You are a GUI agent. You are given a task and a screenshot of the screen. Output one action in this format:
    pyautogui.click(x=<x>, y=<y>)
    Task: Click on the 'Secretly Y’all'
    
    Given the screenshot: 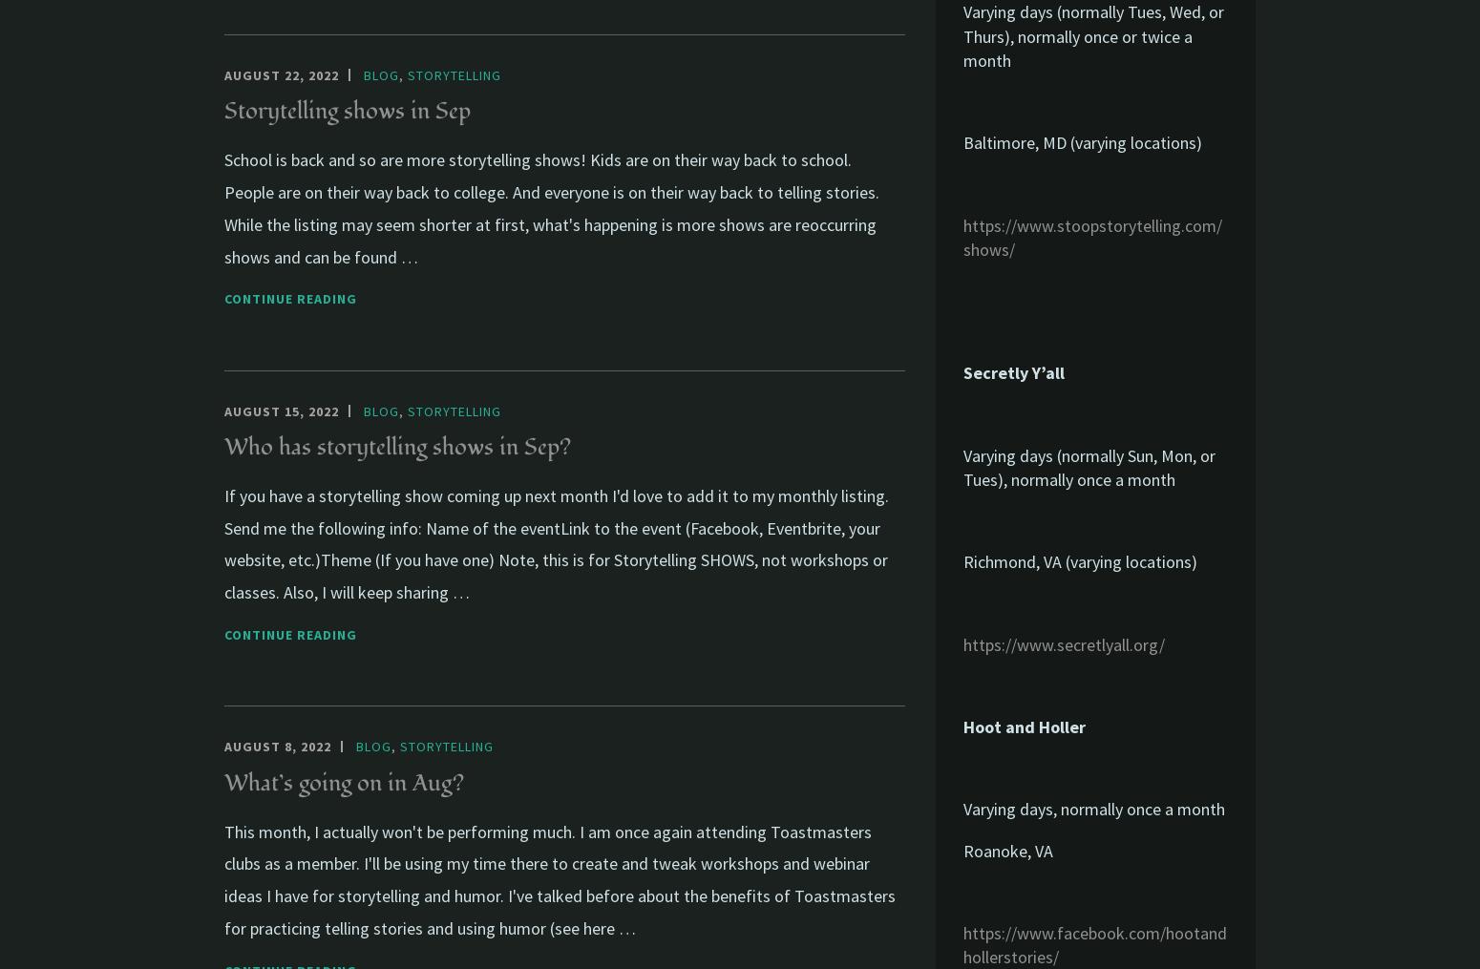 What is the action you would take?
    pyautogui.click(x=1014, y=372)
    